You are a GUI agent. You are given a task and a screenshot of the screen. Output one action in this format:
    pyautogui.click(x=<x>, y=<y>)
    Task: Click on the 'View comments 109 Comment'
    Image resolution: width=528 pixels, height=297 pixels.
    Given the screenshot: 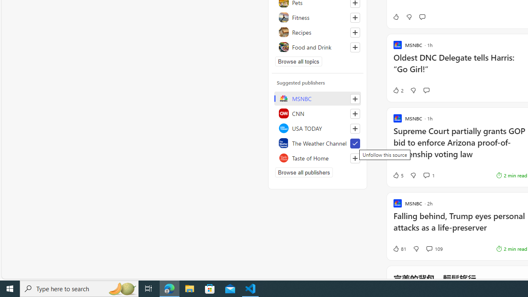 What is the action you would take?
    pyautogui.click(x=434, y=248)
    